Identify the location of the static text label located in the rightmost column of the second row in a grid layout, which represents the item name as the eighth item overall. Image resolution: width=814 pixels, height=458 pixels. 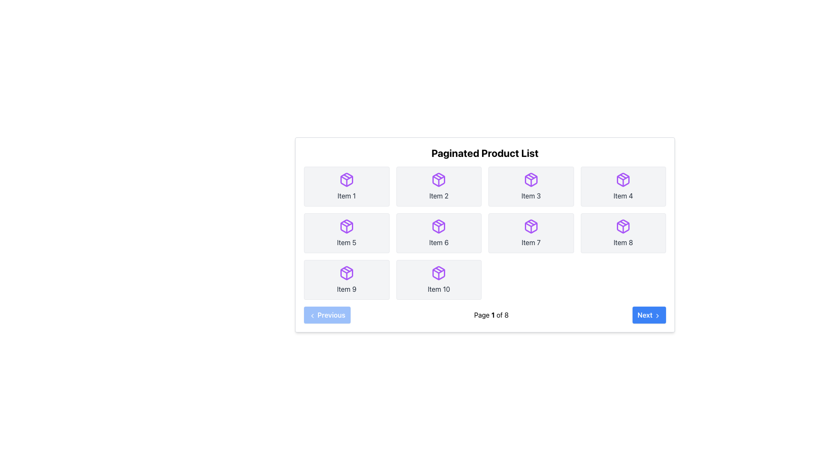
(623, 242).